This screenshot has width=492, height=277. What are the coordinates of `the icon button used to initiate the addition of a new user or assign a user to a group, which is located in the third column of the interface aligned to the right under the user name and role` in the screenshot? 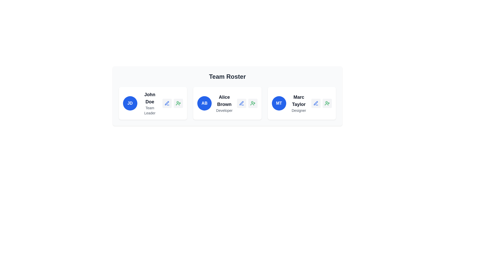 It's located at (327, 103).